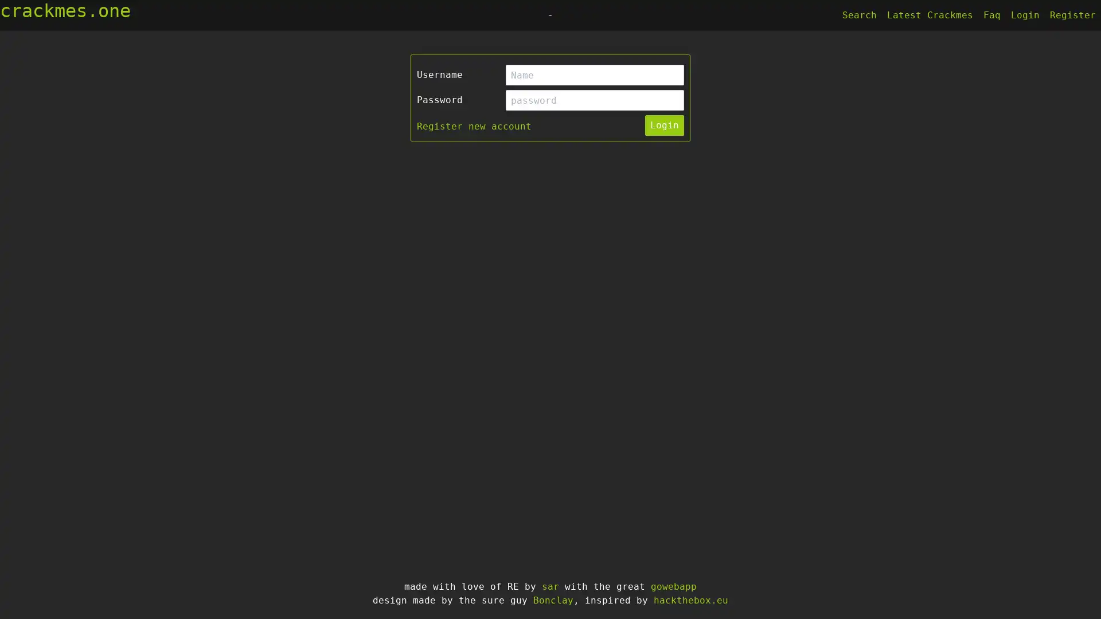 The width and height of the screenshot is (1101, 619). What do you see at coordinates (664, 126) in the screenshot?
I see `Login` at bounding box center [664, 126].